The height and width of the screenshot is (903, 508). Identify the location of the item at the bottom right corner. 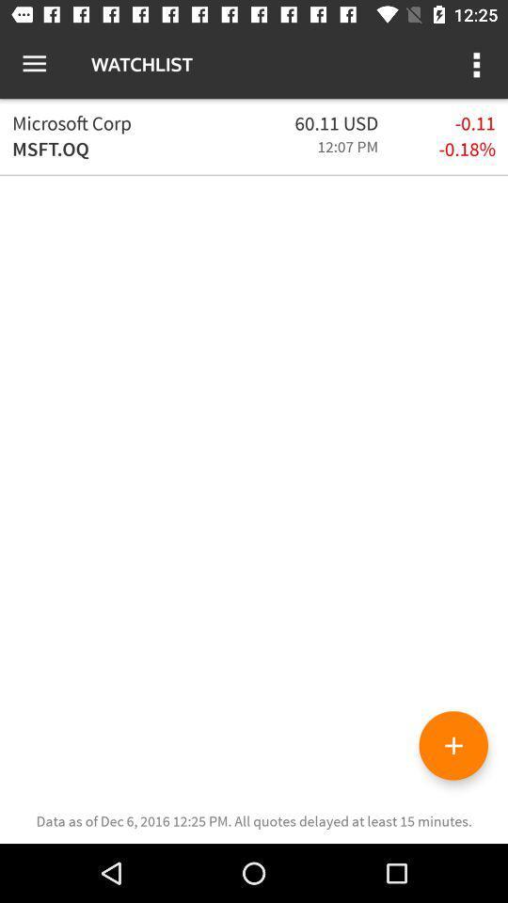
(452, 745).